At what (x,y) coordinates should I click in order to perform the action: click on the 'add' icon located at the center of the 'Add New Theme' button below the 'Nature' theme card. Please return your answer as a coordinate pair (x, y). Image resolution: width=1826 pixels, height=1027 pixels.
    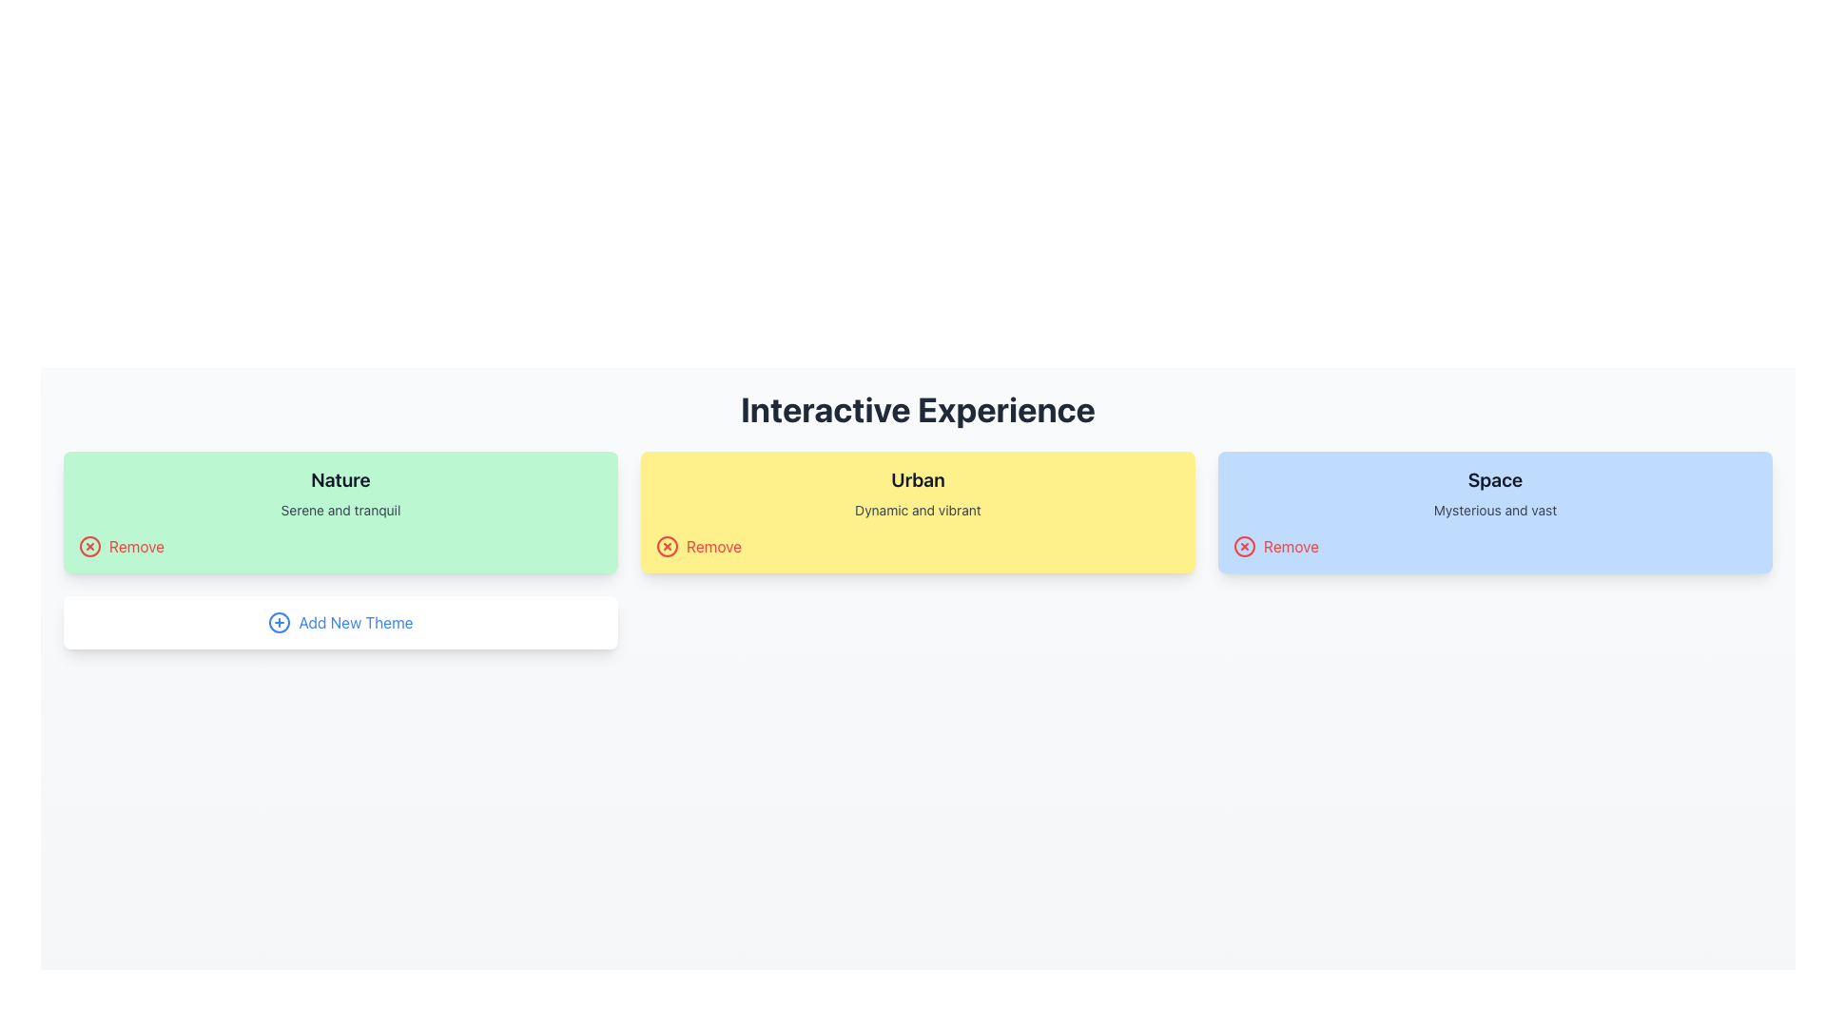
    Looking at the image, I should click on (279, 623).